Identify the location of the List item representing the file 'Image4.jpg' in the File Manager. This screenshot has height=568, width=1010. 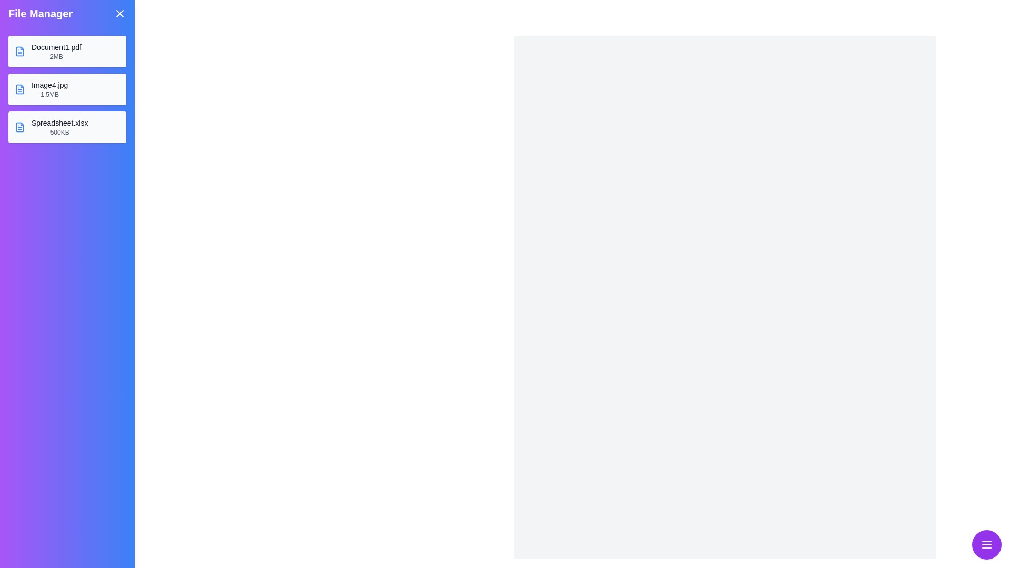
(67, 88).